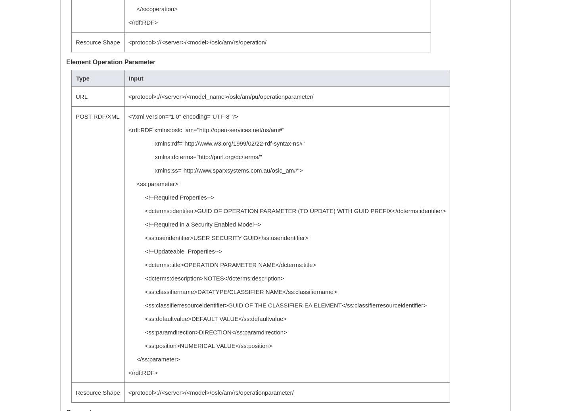 Image resolution: width=571 pixels, height=411 pixels. Describe the element at coordinates (136, 78) in the screenshot. I see `'Input'` at that location.